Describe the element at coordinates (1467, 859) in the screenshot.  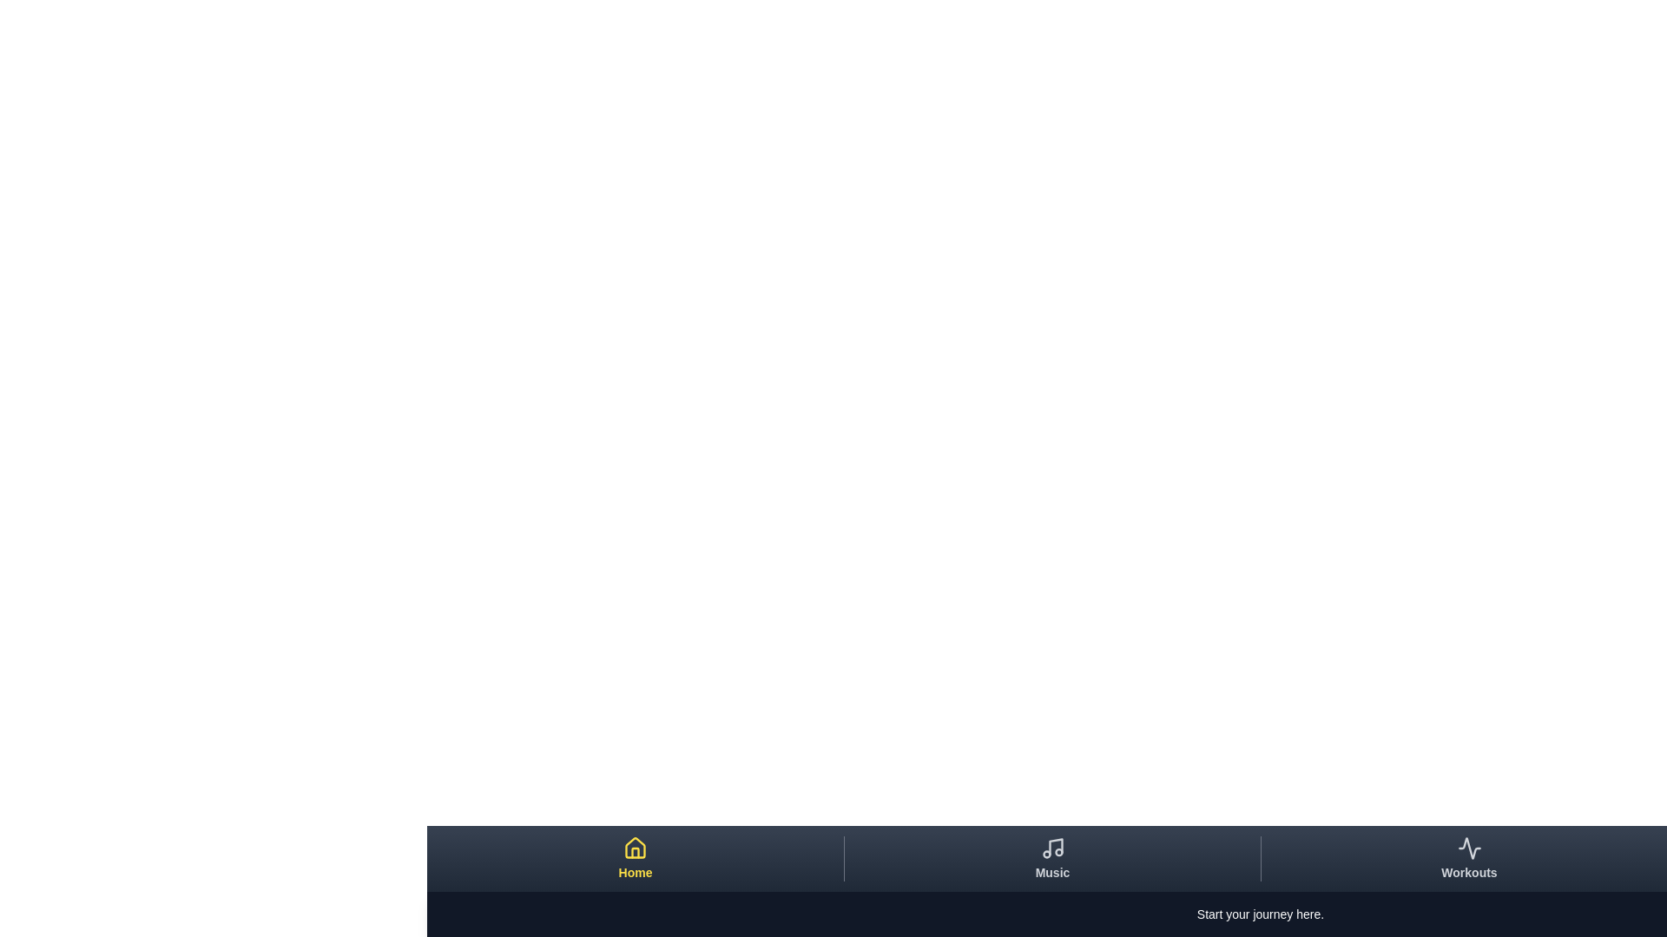
I see `the tab Workouts to preview its hover effects` at that location.